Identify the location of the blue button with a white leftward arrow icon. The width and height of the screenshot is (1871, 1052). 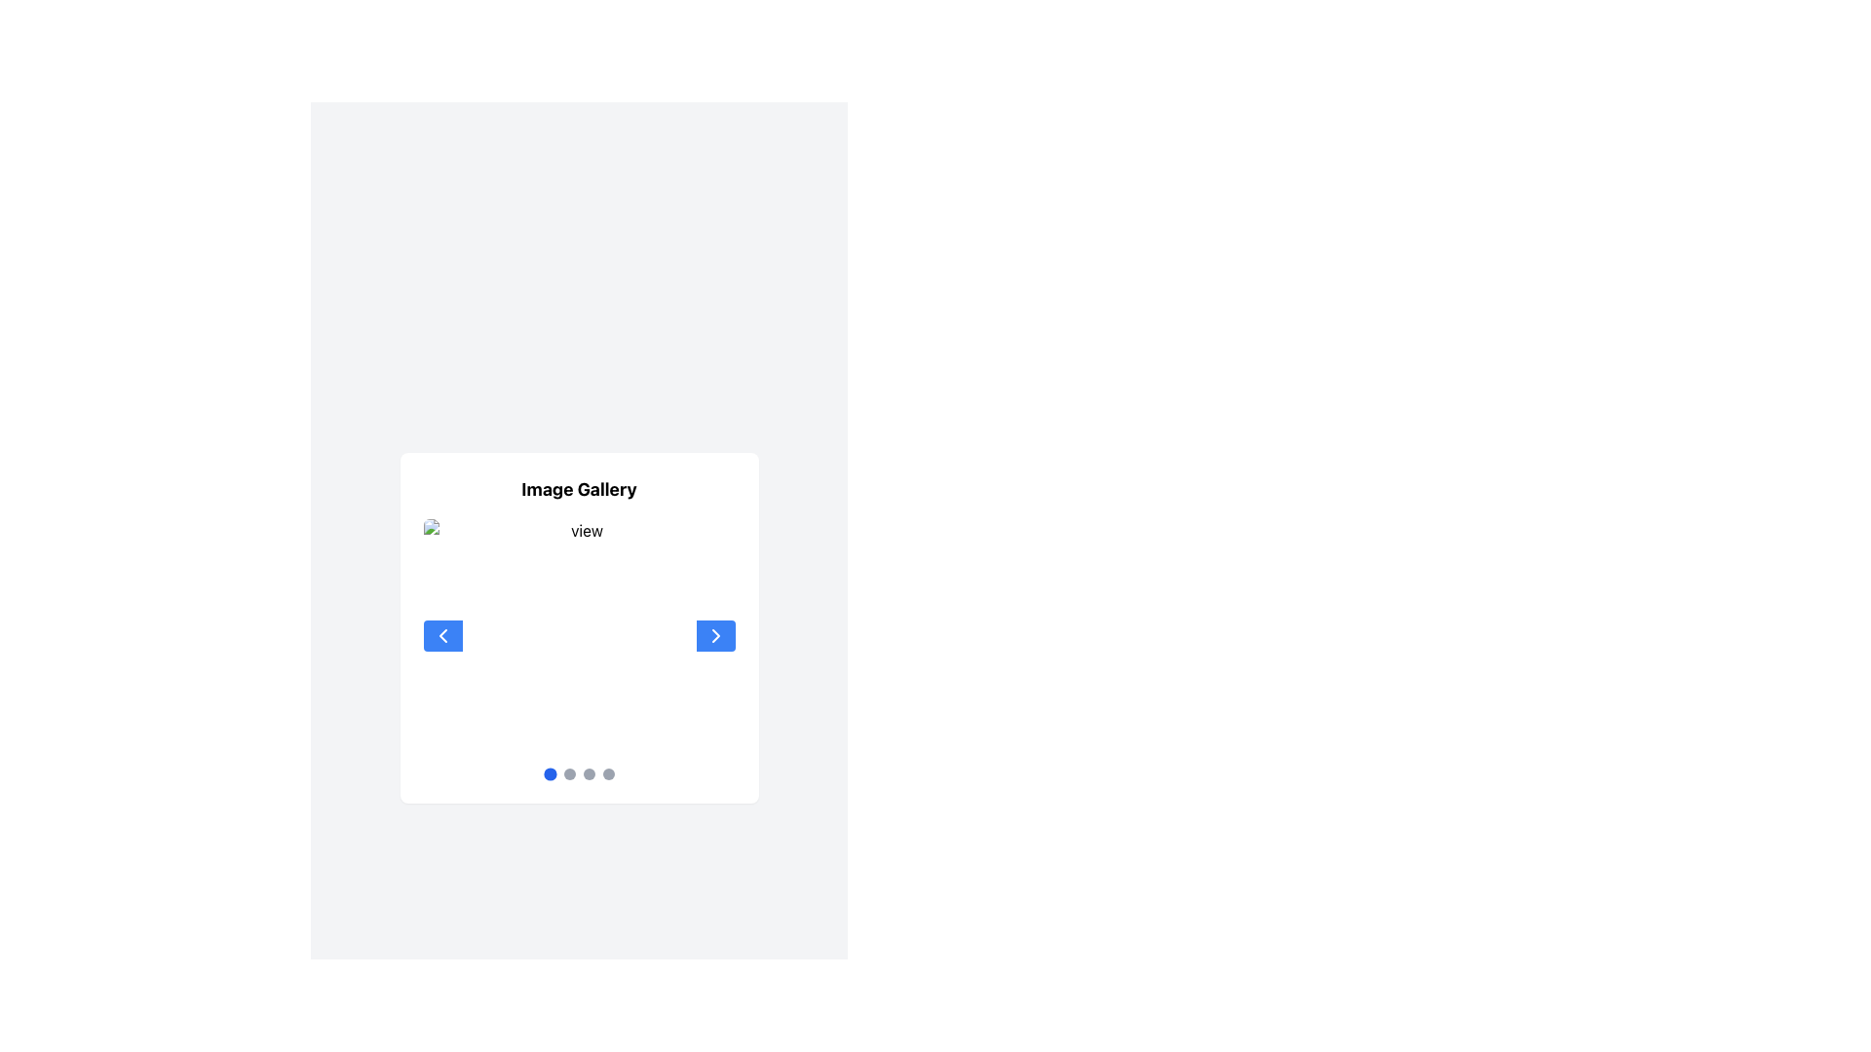
(441, 635).